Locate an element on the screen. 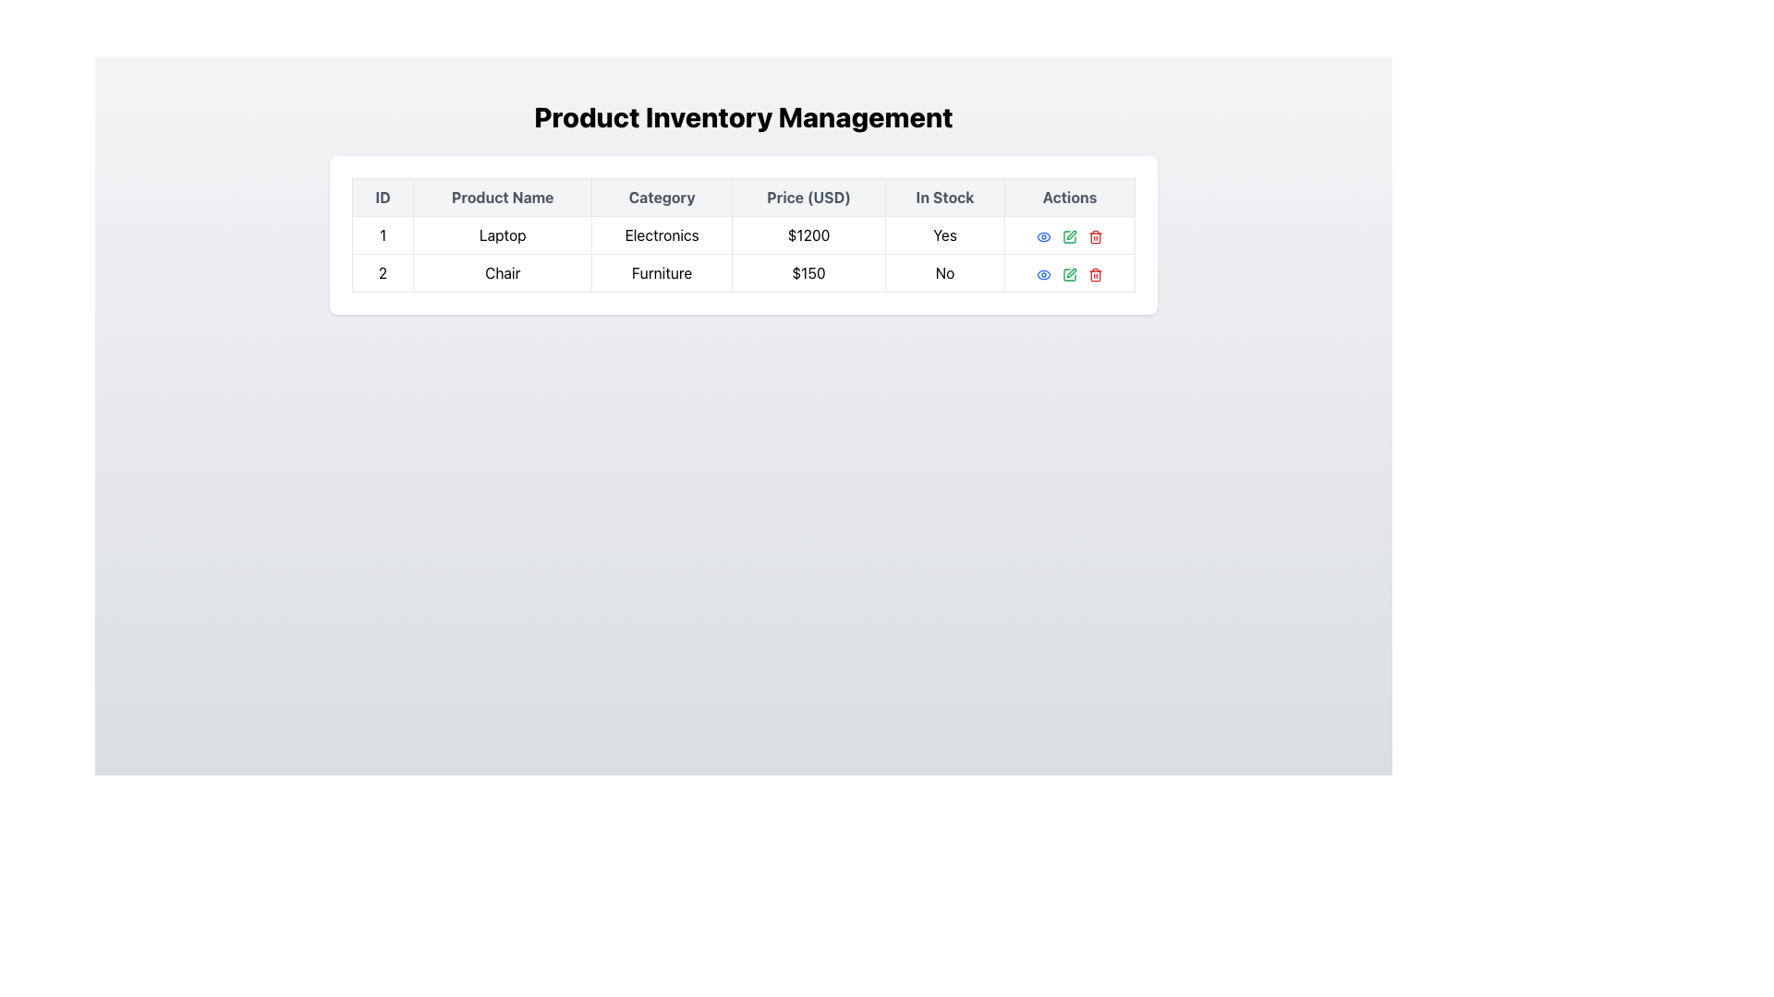 The width and height of the screenshot is (1774, 997). text content of the Text Label displaying the unique identifier for the product entry 'Chair' in the Product Inventory Management table, located in the second row and first column under the 'ID' column is located at coordinates (382, 273).